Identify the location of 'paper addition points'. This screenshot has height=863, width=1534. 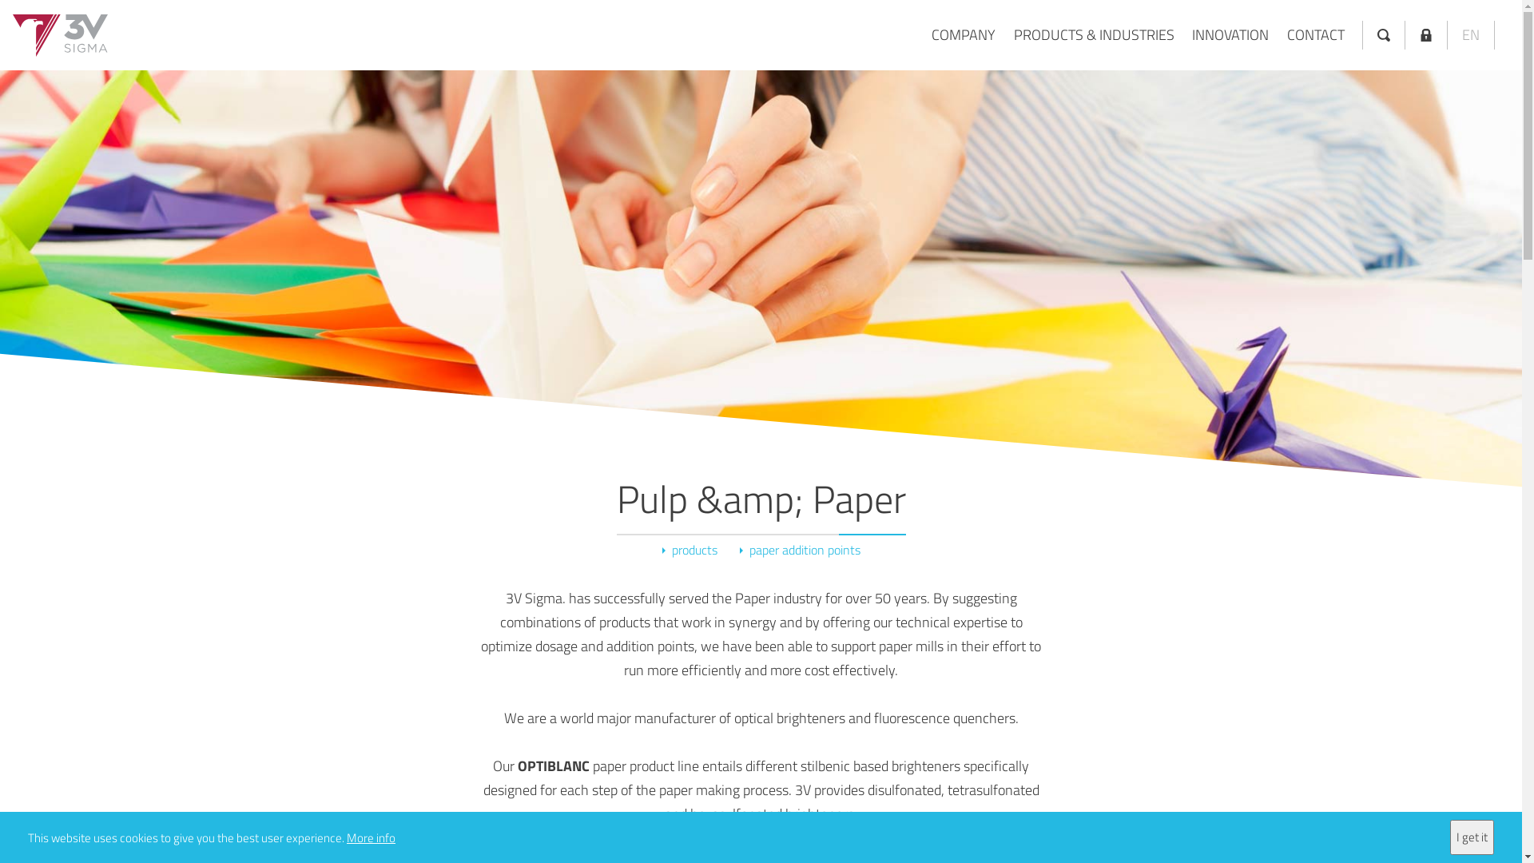
(800, 549).